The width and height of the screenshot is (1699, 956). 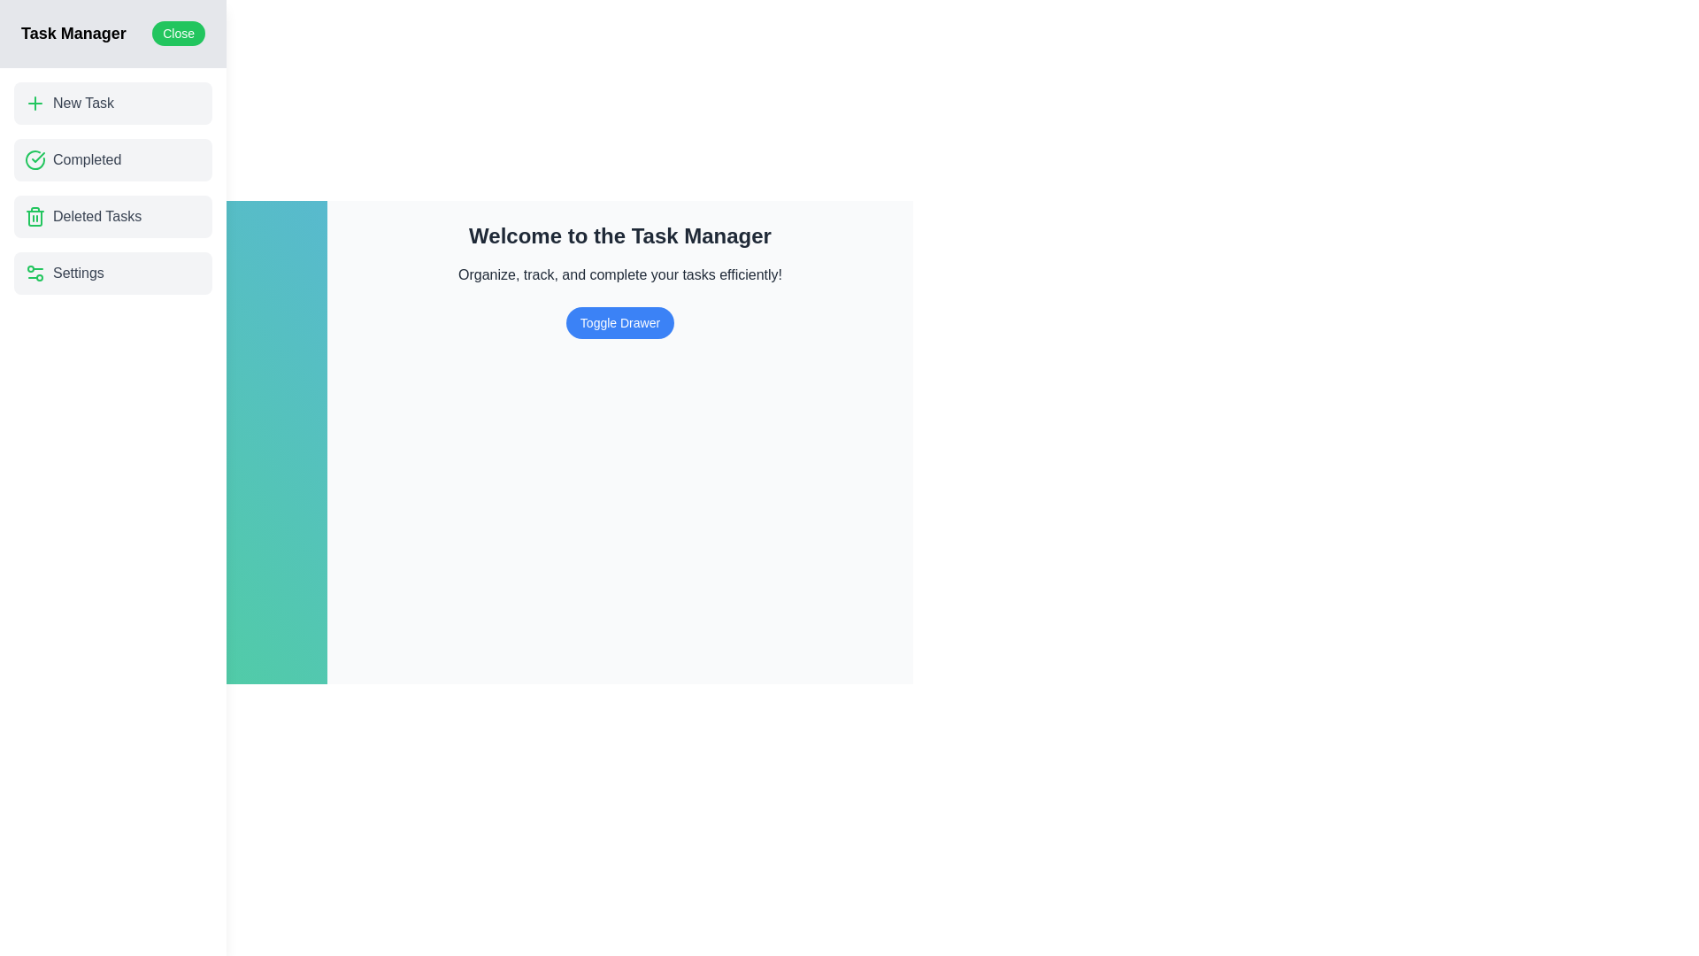 What do you see at coordinates (619, 323) in the screenshot?
I see `the 'Toggle Drawer' button to toggle the visibility of the drawer` at bounding box center [619, 323].